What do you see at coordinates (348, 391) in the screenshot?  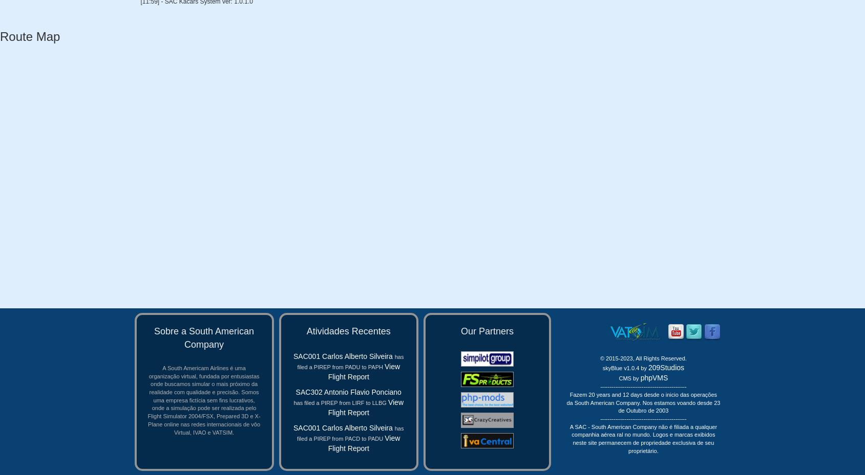 I see `'SAC302 Antonio   Flavio Ponciano'` at bounding box center [348, 391].